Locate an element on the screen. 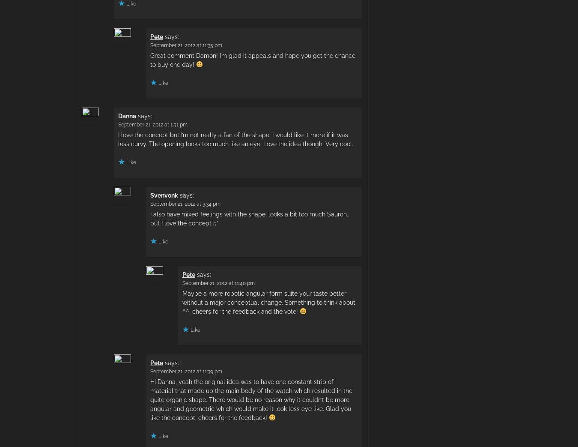 The height and width of the screenshot is (447, 578). 'I love the concept but I’m not really a fan of the shape. I would like it more if it was less curvy. The opening looks too much like an eye. Love the idea though. Very cool.' is located at coordinates (117, 138).